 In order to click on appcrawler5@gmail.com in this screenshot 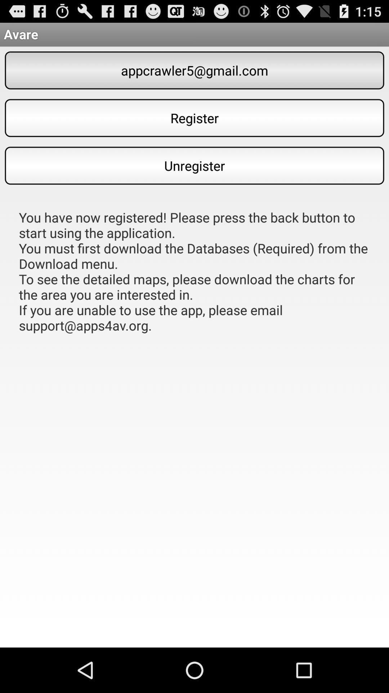, I will do `click(194, 70)`.